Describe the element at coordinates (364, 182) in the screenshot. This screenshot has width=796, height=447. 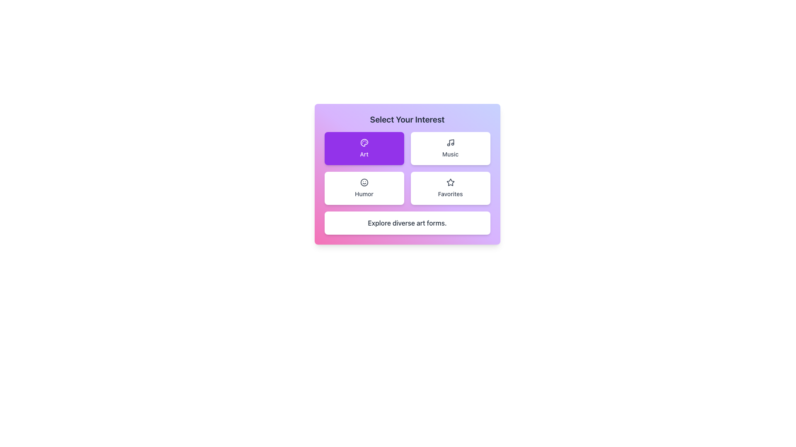
I see `the main circular structure of the smiley face icon, which serves a decorative function to indicate humor or fun` at that location.